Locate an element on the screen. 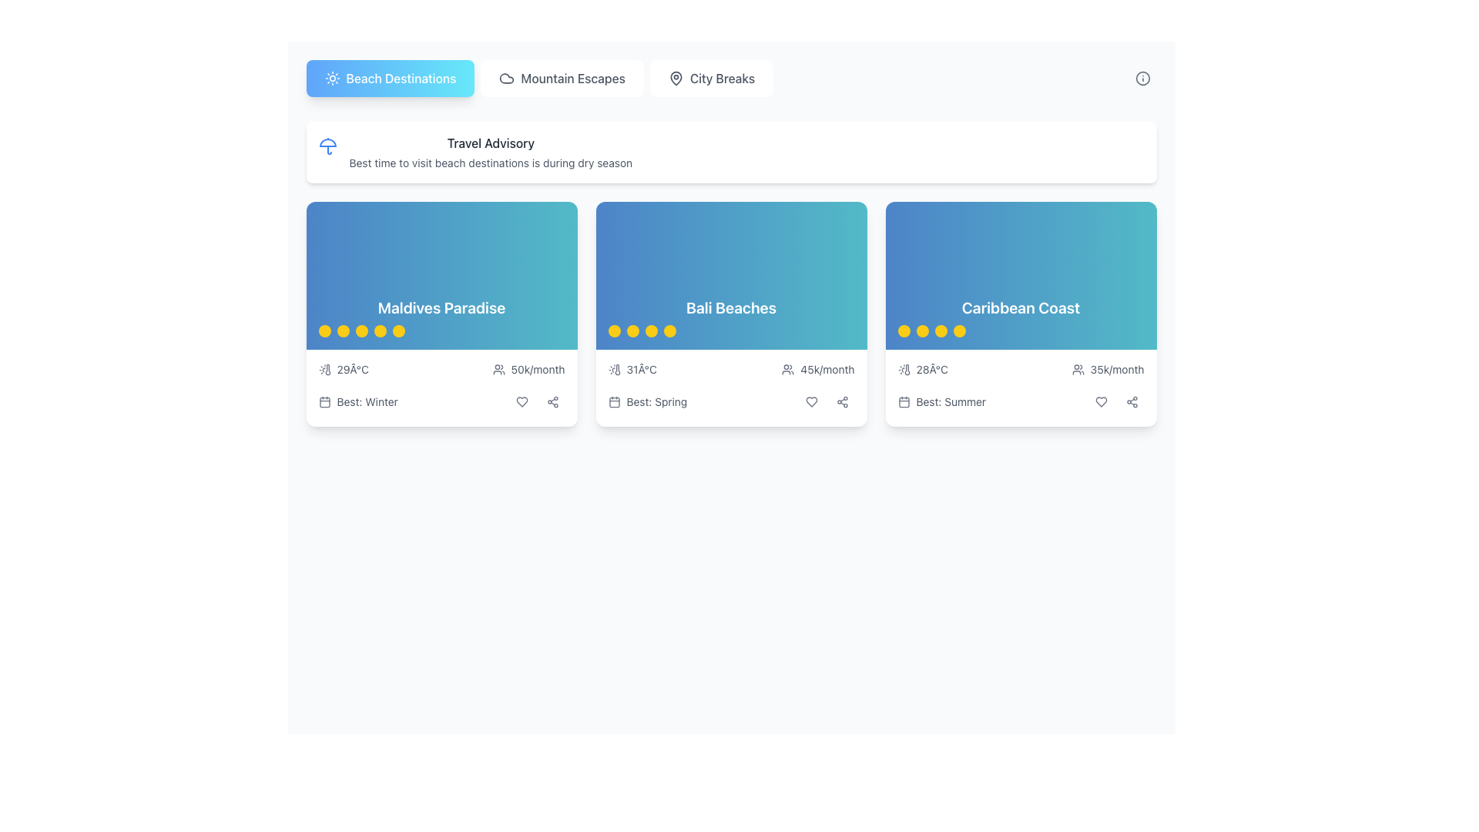 Image resolution: width=1479 pixels, height=832 pixels. the textual information presented in the 'Maldives Paradise' card, located in the bottom section to the left of the row of icons is located at coordinates (441, 401).